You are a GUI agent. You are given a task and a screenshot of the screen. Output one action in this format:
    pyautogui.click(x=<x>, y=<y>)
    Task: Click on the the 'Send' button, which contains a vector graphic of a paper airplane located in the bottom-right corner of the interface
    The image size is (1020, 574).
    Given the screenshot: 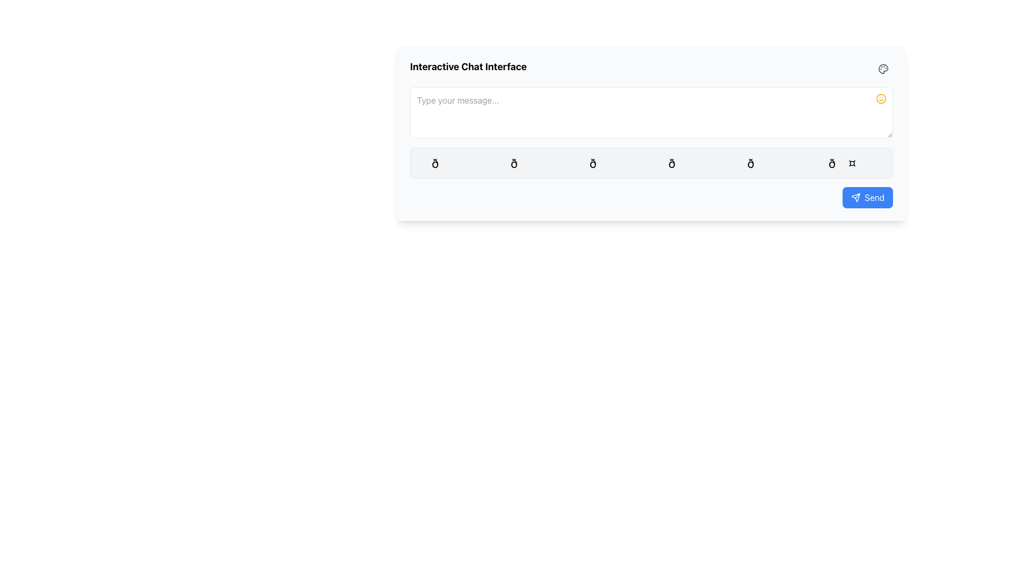 What is the action you would take?
    pyautogui.click(x=855, y=197)
    